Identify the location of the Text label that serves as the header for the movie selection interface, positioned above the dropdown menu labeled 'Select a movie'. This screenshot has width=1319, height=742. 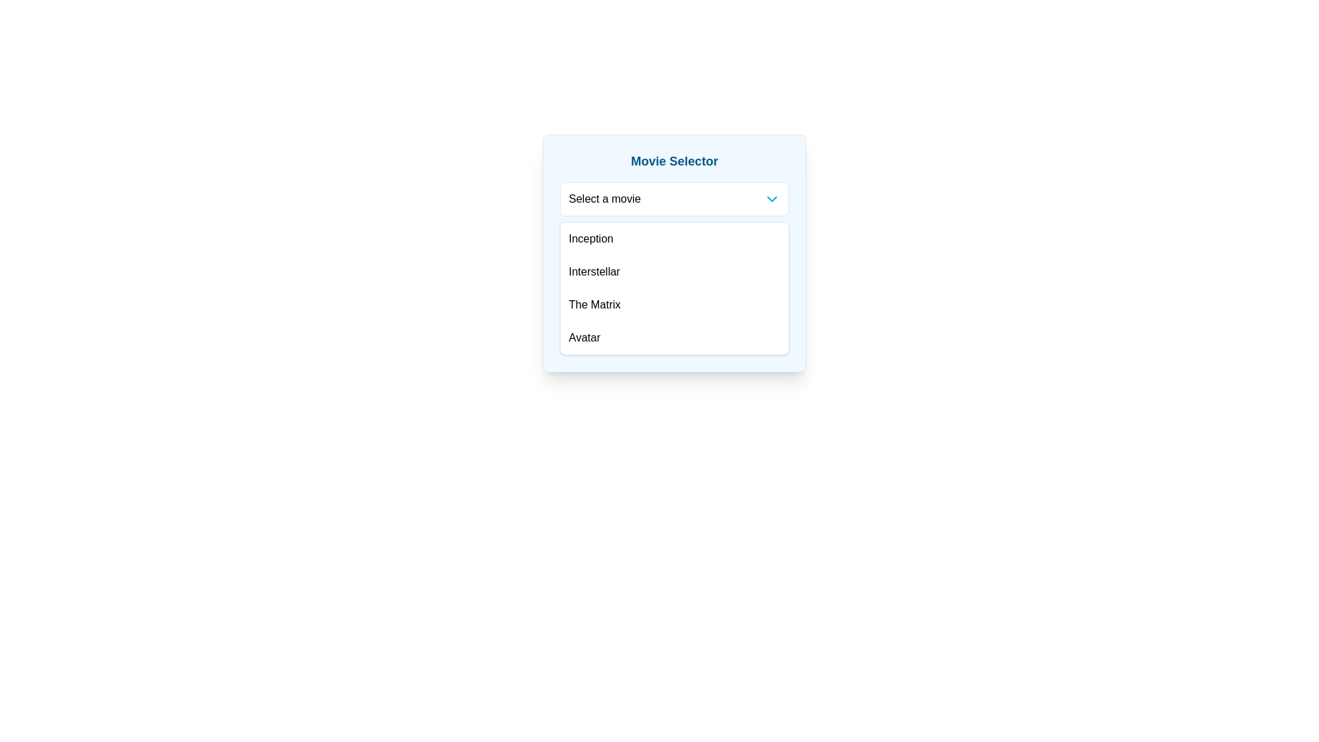
(675, 161).